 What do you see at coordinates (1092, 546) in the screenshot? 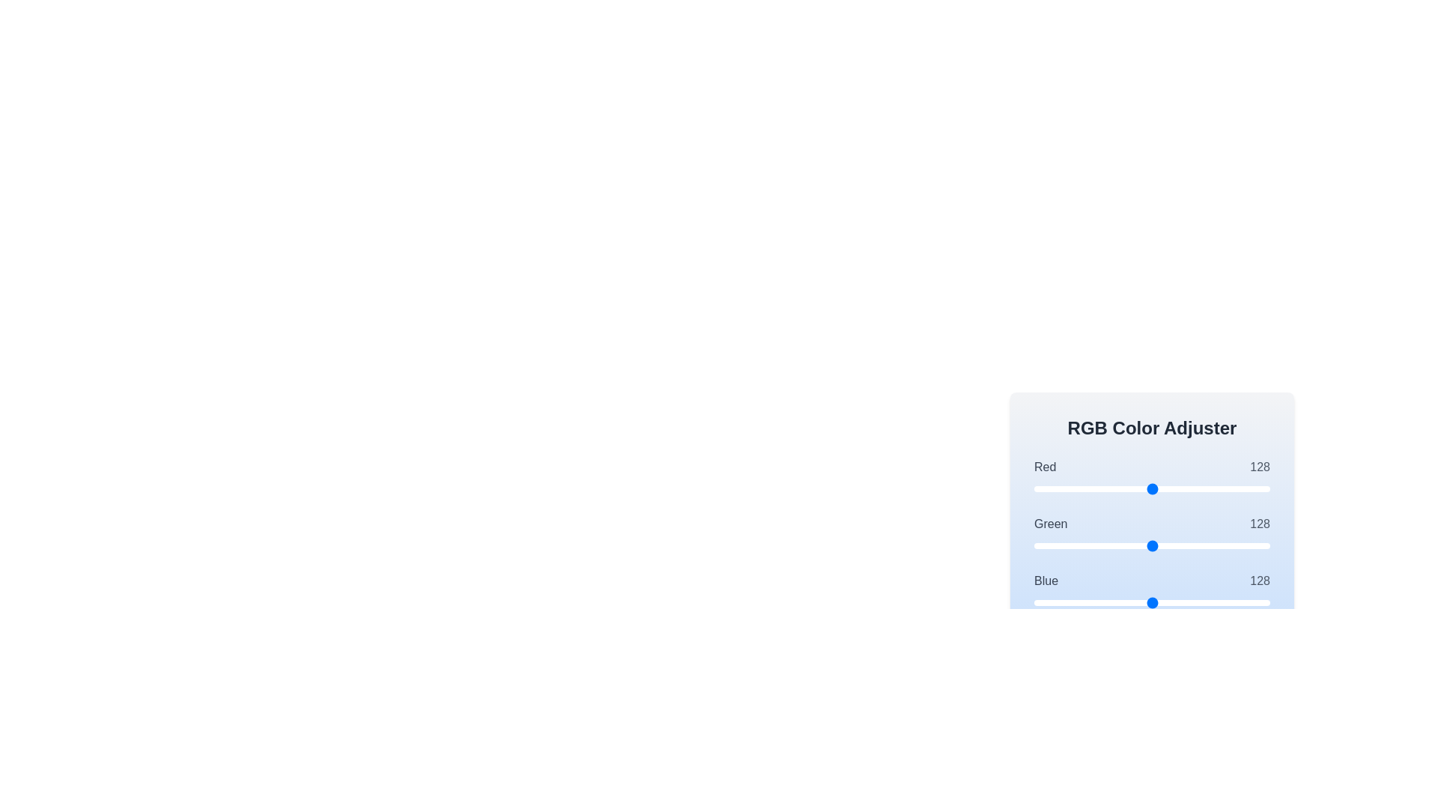
I see `the 1 slider to set its value to 63` at bounding box center [1092, 546].